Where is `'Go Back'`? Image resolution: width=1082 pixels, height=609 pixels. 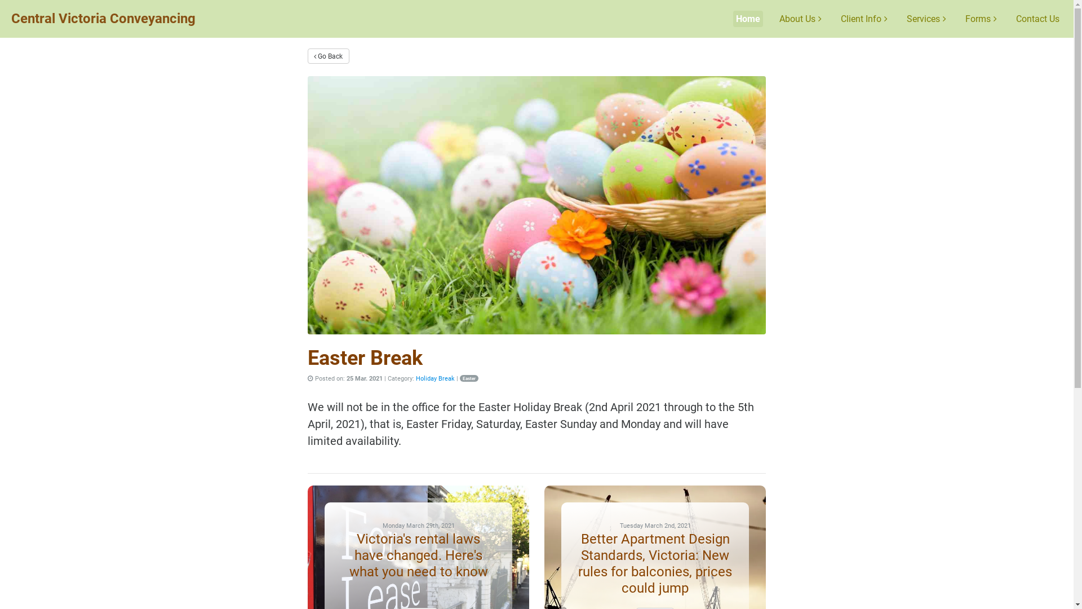 'Go Back' is located at coordinates (327, 56).